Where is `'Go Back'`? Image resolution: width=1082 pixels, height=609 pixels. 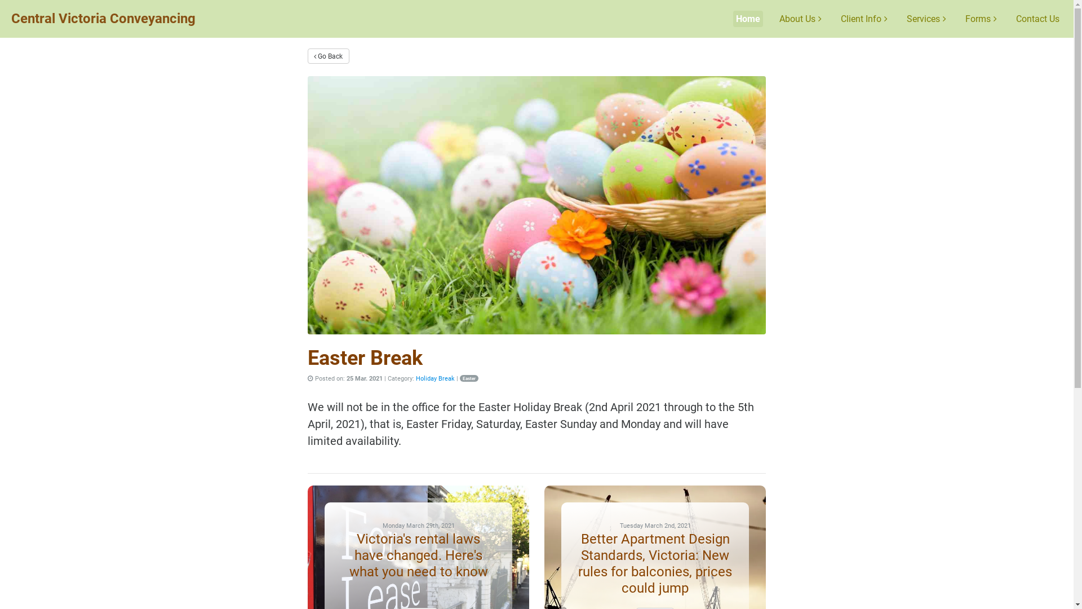 'Go Back' is located at coordinates (327, 56).